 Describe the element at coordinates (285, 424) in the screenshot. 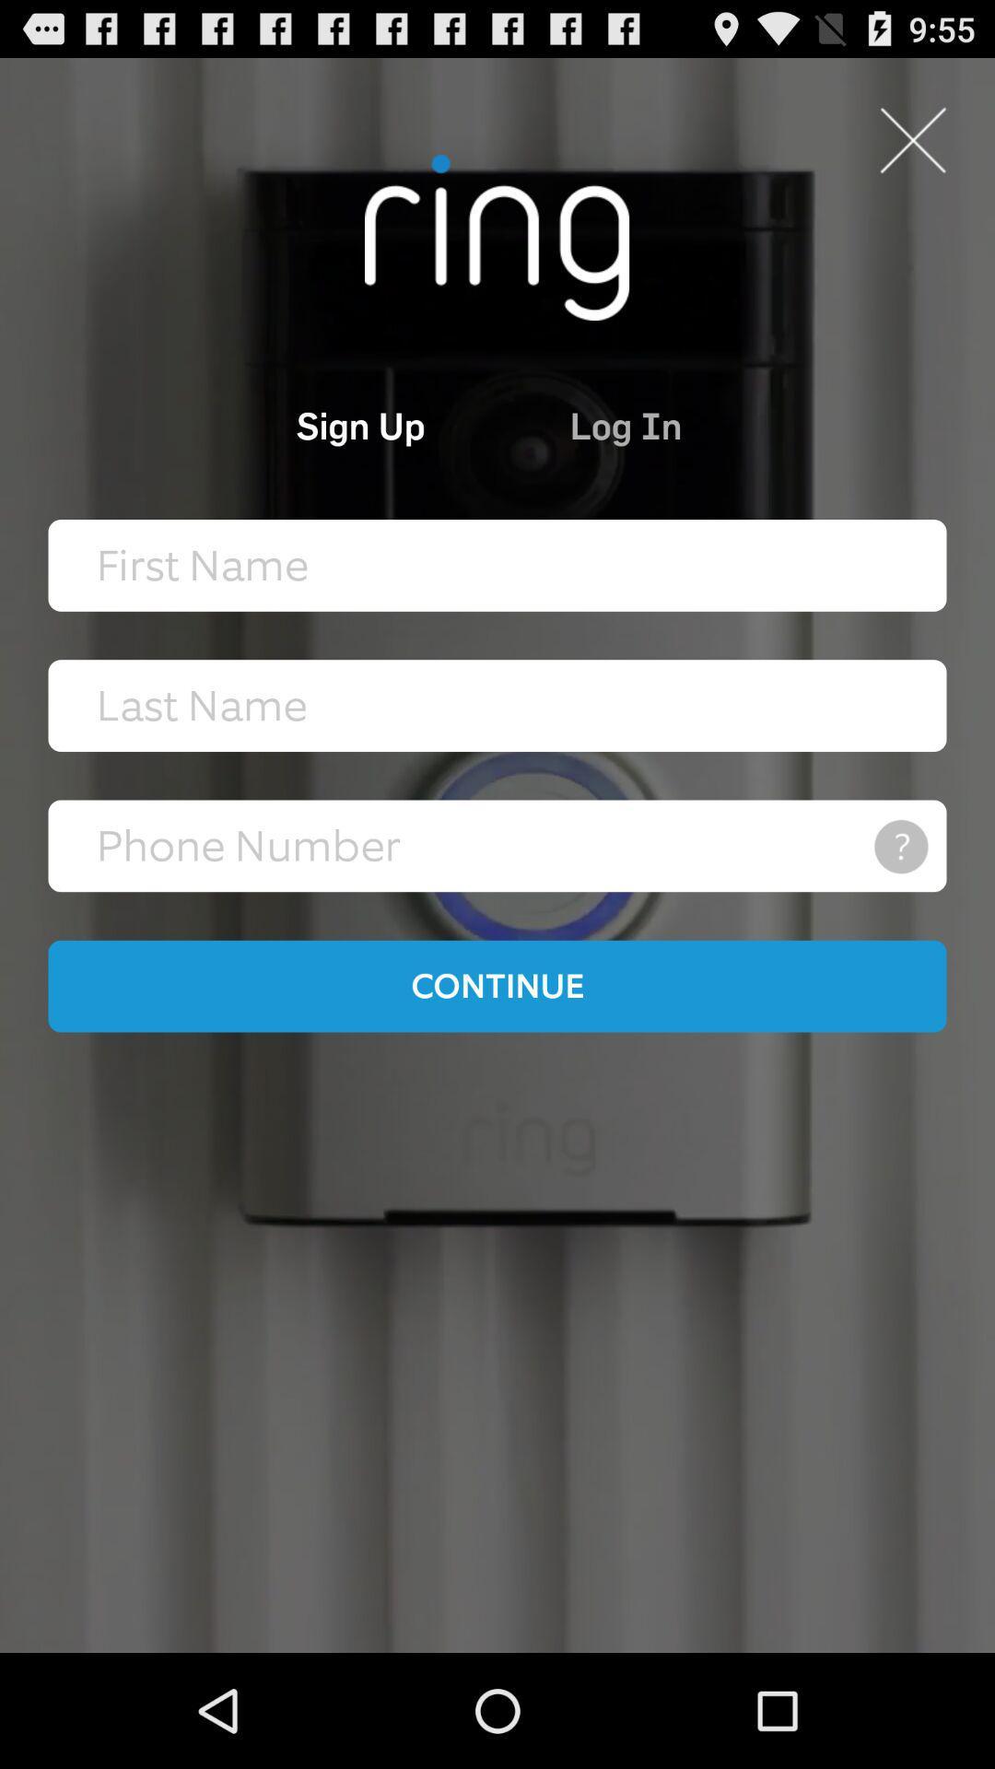

I see `sign up icon` at that location.